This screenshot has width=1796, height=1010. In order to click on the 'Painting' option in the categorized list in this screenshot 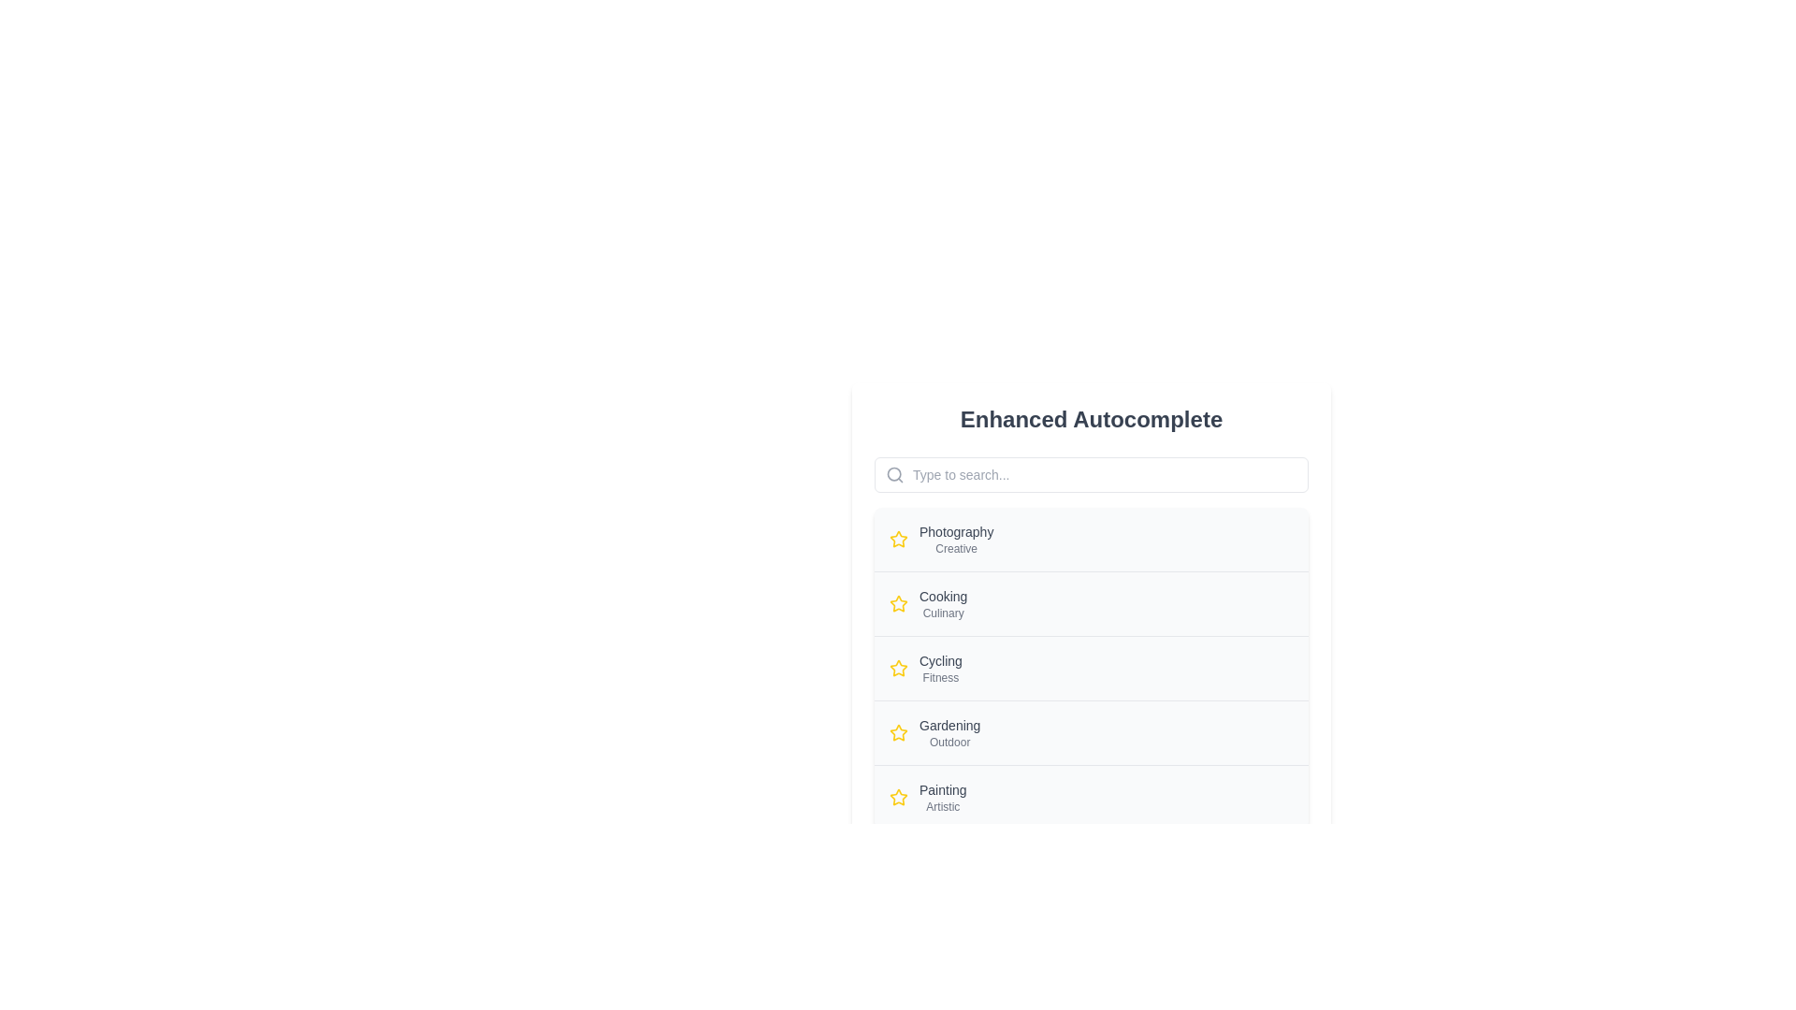, I will do `click(943, 797)`.